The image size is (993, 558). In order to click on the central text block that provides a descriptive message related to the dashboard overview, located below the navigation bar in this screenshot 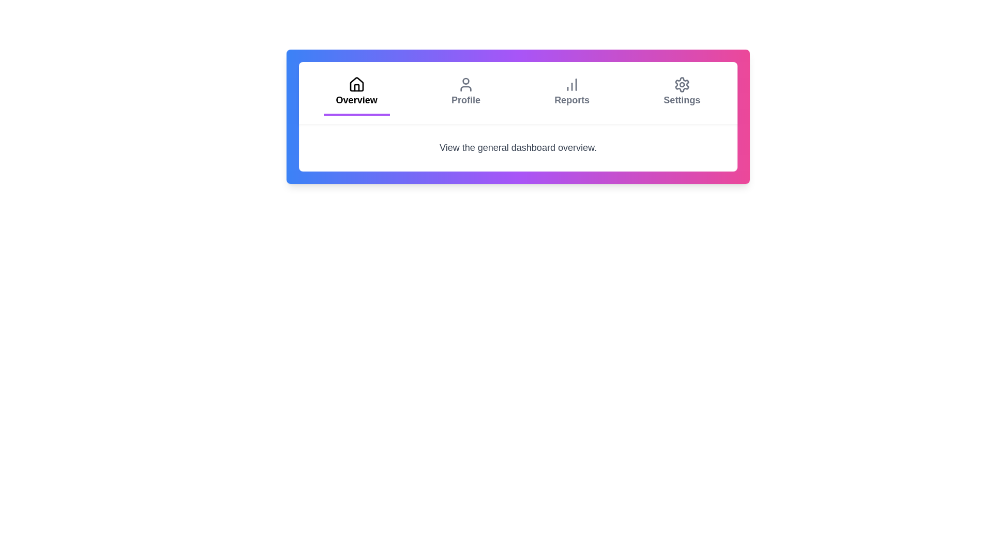, I will do `click(518, 147)`.